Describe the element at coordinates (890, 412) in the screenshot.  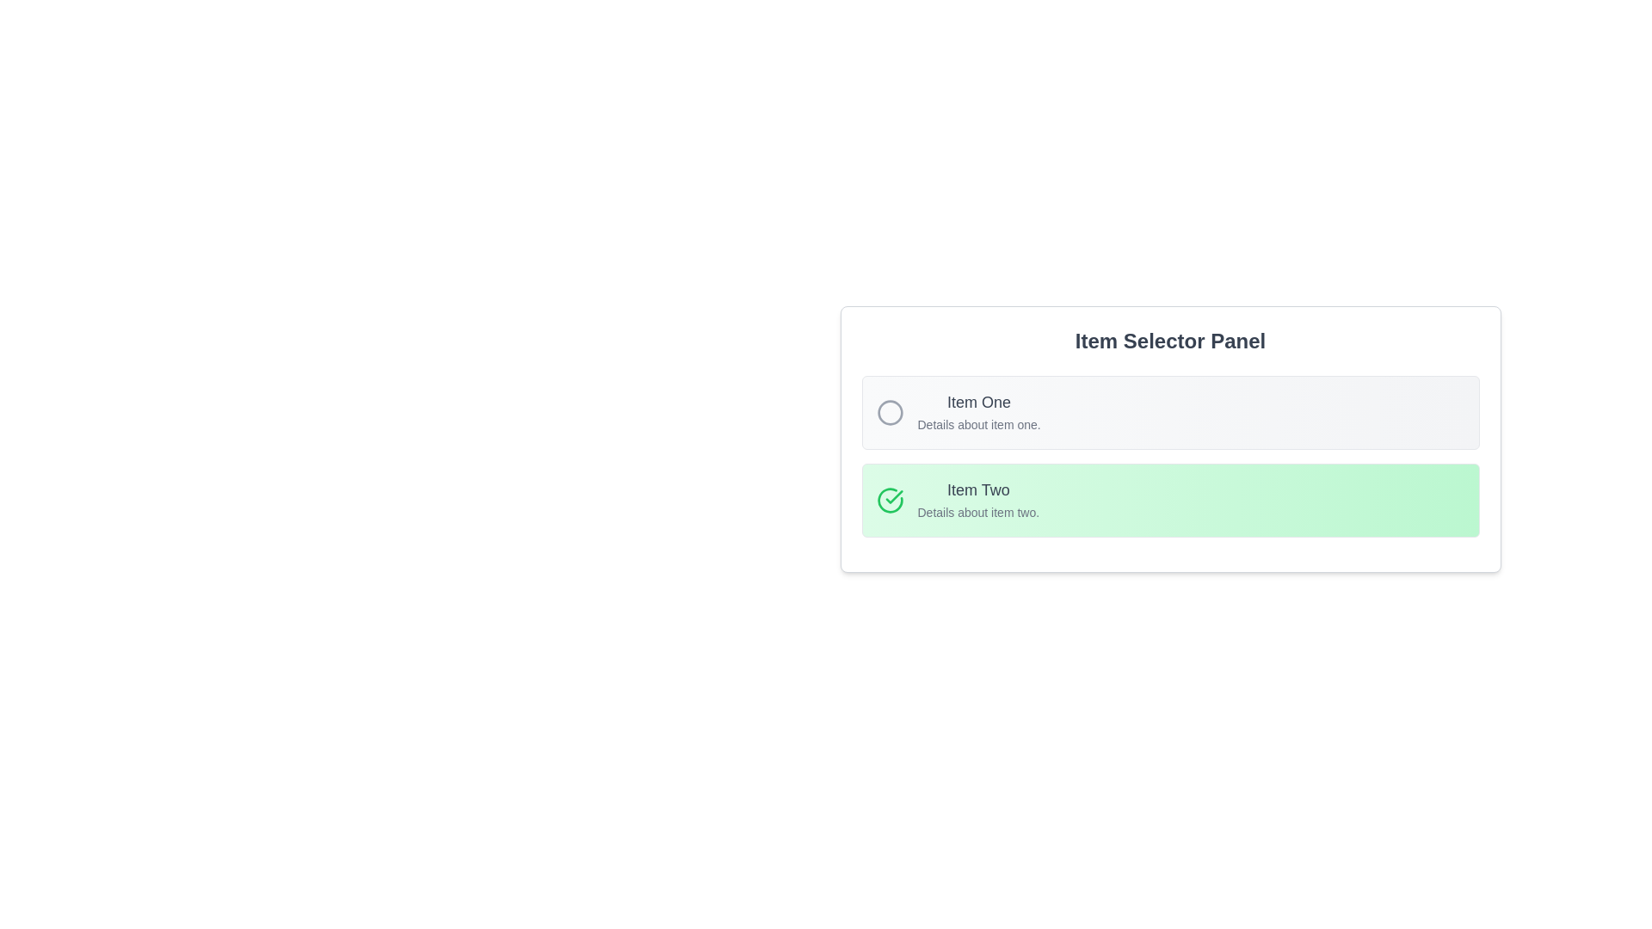
I see `the empty circular icon with a gray outline located on the left side of the 'Item One' section` at that location.